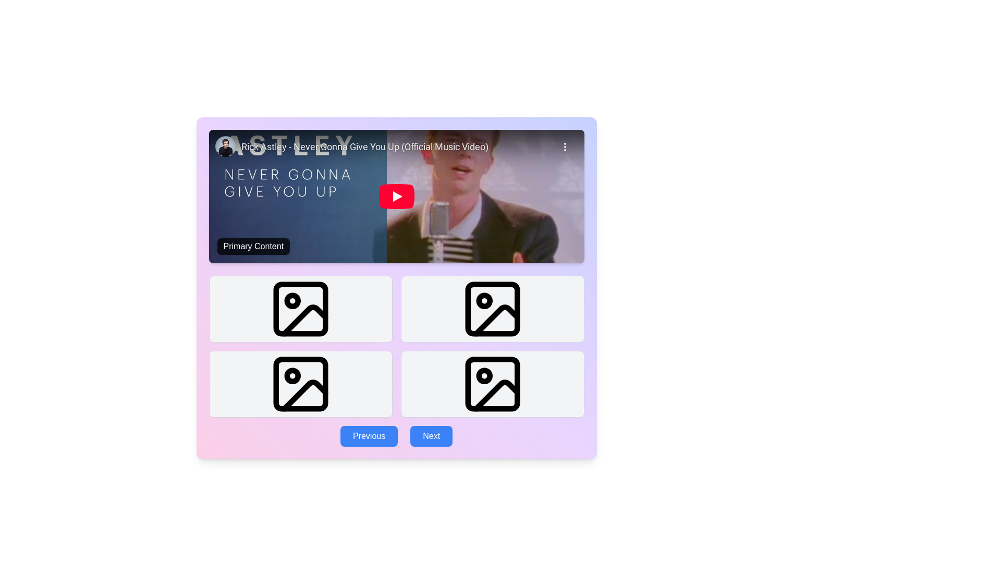  I want to click on the decorative square with rounded corners located in the bottom-right corner of the rightmost image placeholder in a 2x3 grid layout, so click(492, 384).